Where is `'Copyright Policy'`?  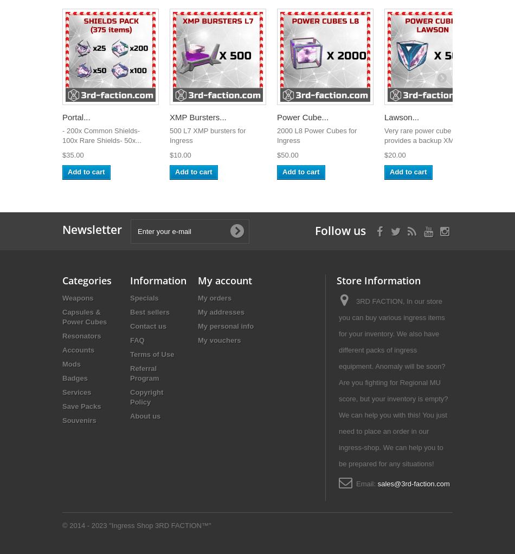
'Copyright Policy' is located at coordinates (129, 397).